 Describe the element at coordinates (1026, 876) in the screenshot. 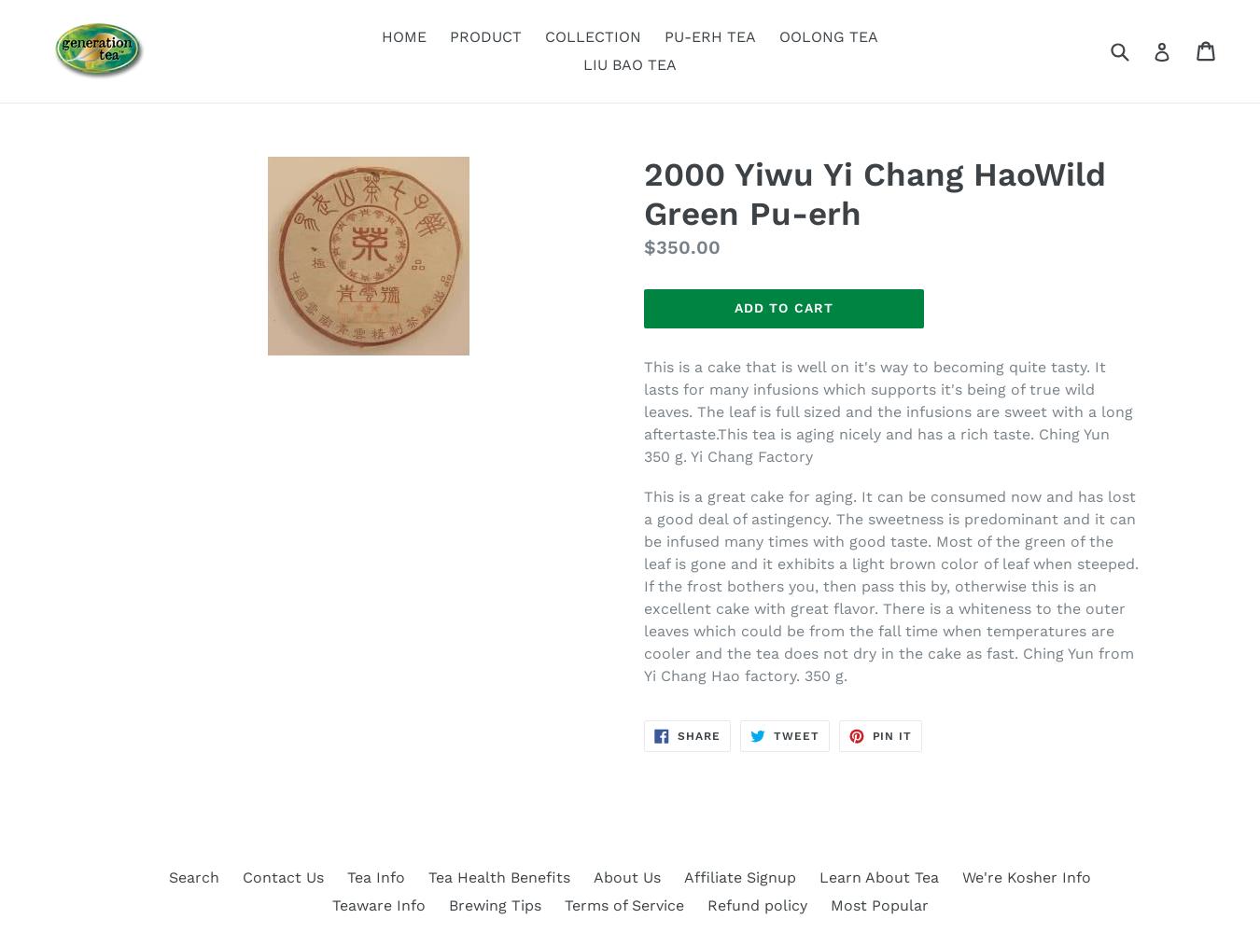

I see `'We're Kosher Info'` at that location.